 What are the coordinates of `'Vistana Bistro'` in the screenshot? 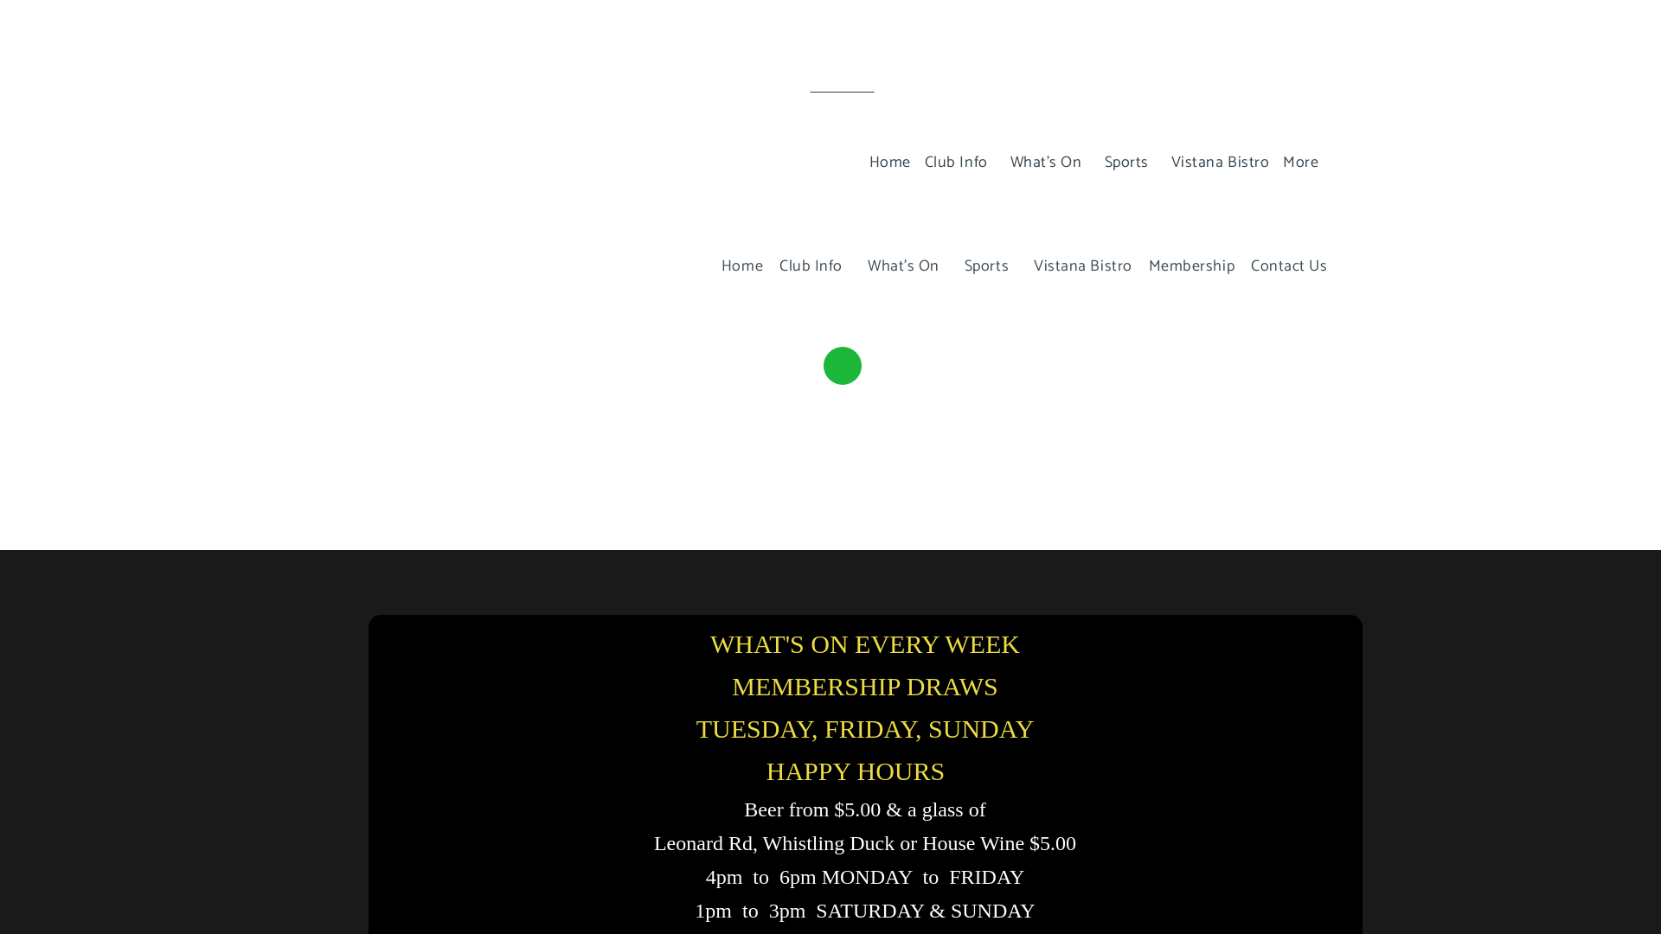 It's located at (1074, 266).